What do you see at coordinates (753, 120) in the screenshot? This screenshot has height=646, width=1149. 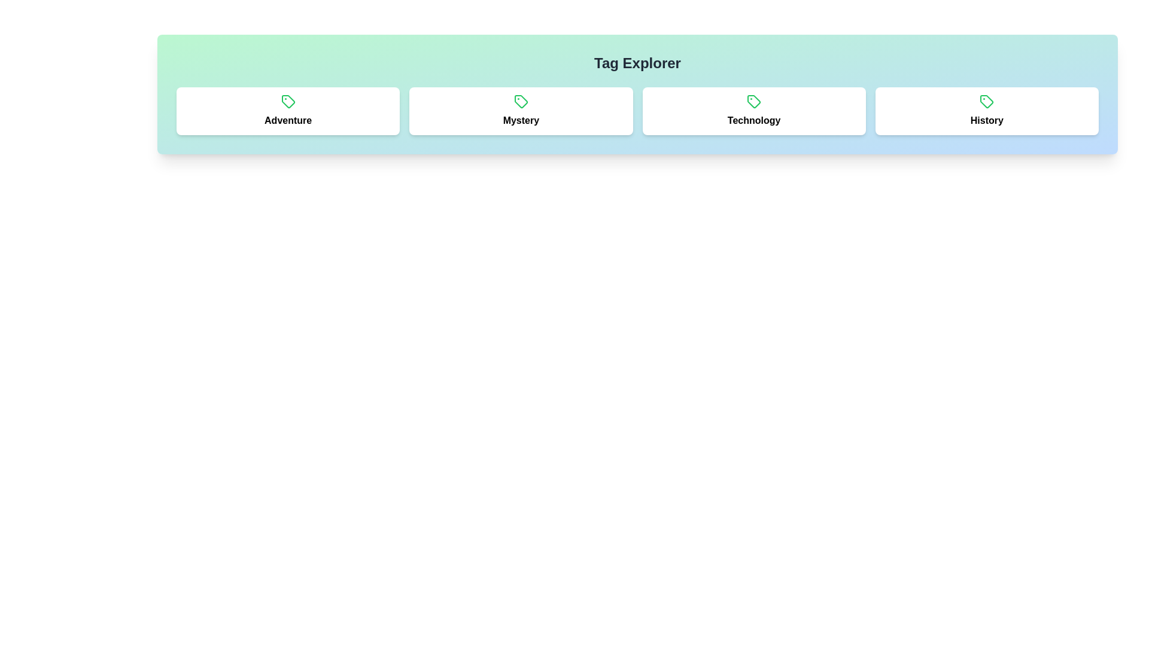 I see `the text label 'Technology' which is styled in bold font and located in the third card of a horizontal list of four cards` at bounding box center [753, 120].